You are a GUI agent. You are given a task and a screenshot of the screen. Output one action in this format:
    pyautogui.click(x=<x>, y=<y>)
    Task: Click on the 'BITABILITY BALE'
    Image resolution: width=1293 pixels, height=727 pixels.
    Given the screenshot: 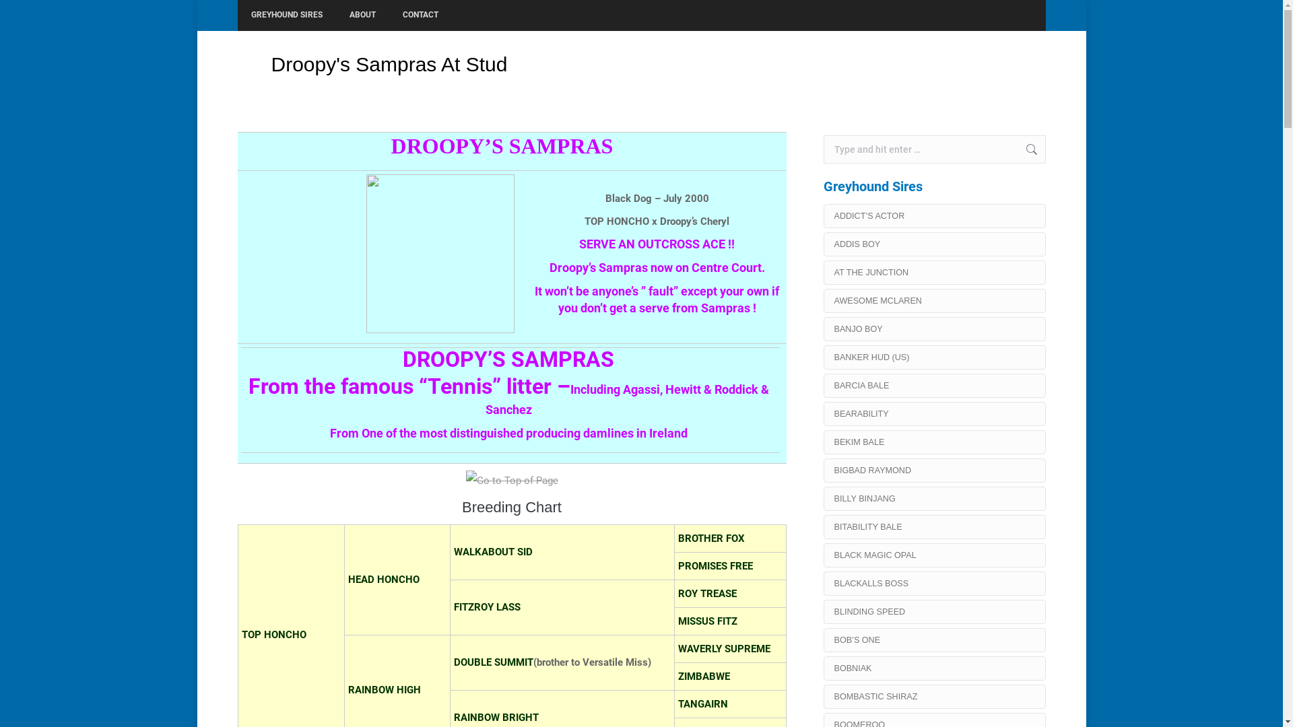 What is the action you would take?
    pyautogui.click(x=933, y=526)
    